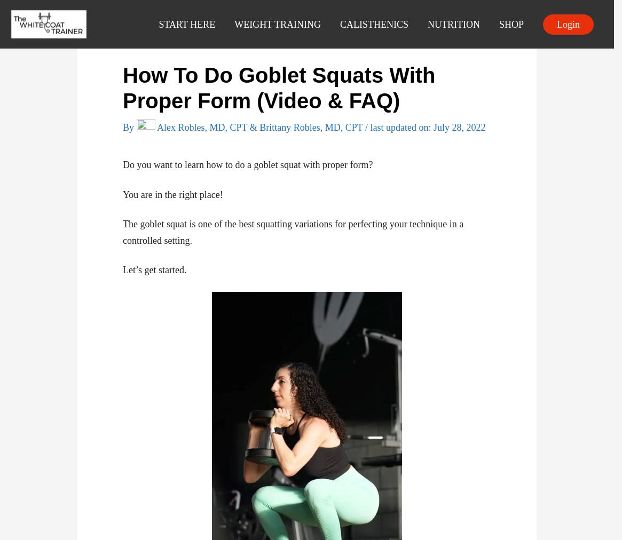  What do you see at coordinates (248, 164) in the screenshot?
I see `'Do you want to learn how to do a goblet squat with proper form?'` at bounding box center [248, 164].